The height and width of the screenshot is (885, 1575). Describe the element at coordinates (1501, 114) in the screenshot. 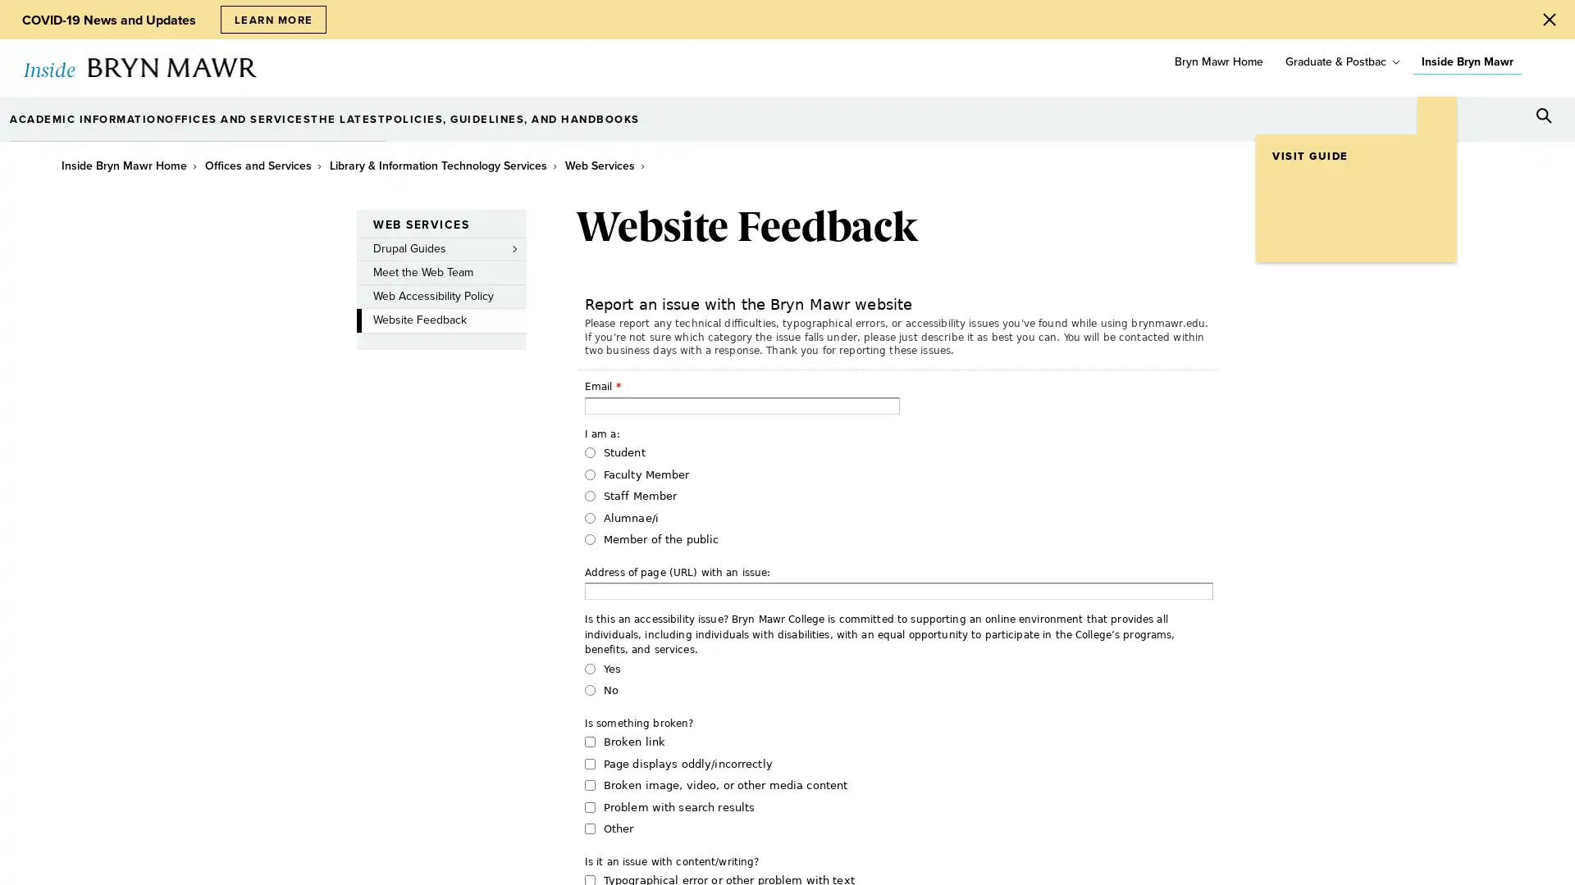

I see `Open Resources menu` at that location.